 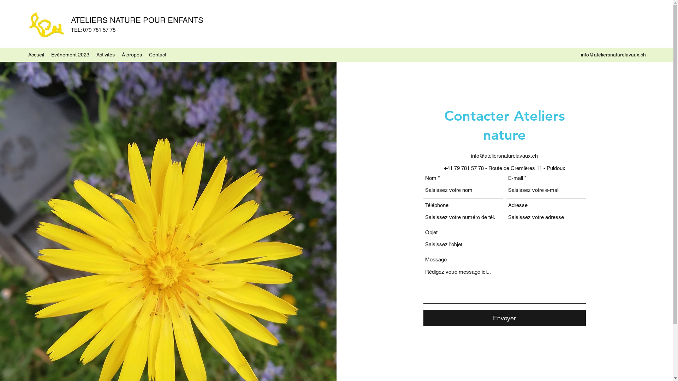 I want to click on 'Contact', so click(x=157, y=54).